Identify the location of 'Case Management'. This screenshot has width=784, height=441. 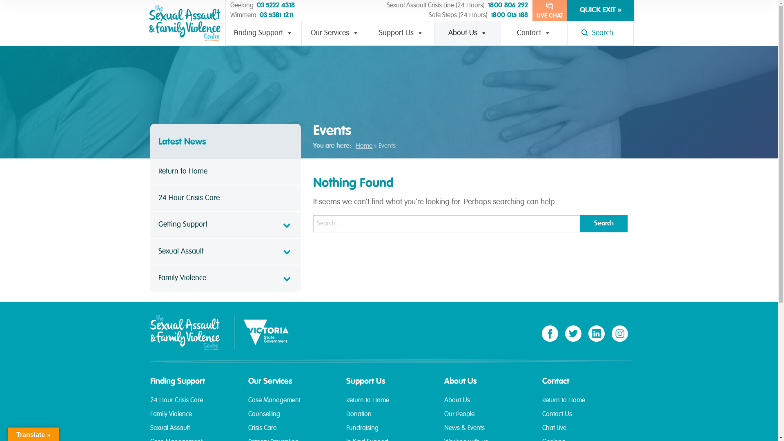
(248, 404).